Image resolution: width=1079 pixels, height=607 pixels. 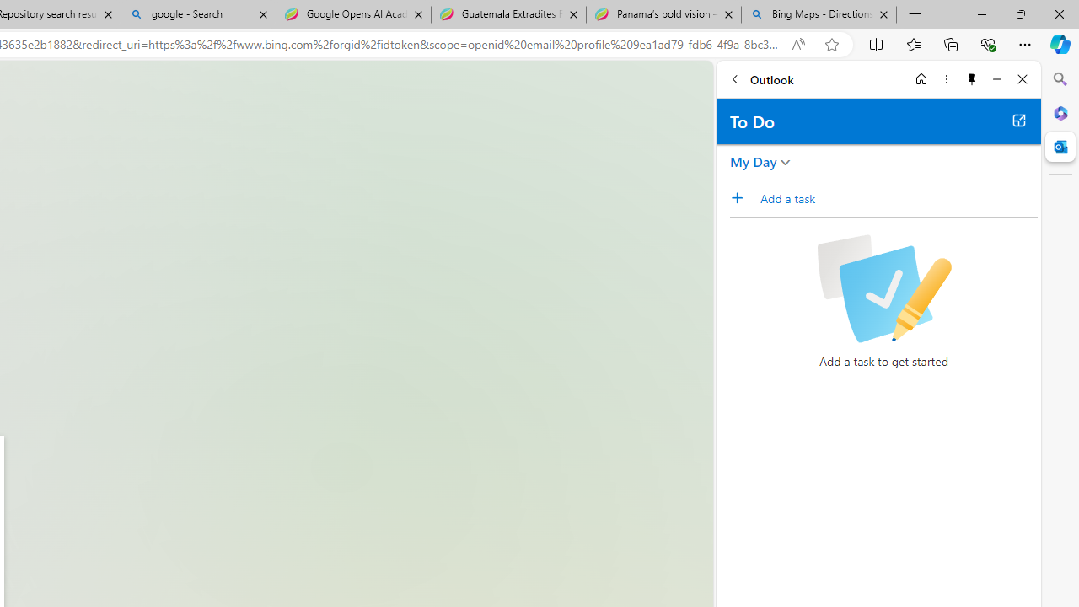 I want to click on 'Unpin side pane', so click(x=972, y=78).